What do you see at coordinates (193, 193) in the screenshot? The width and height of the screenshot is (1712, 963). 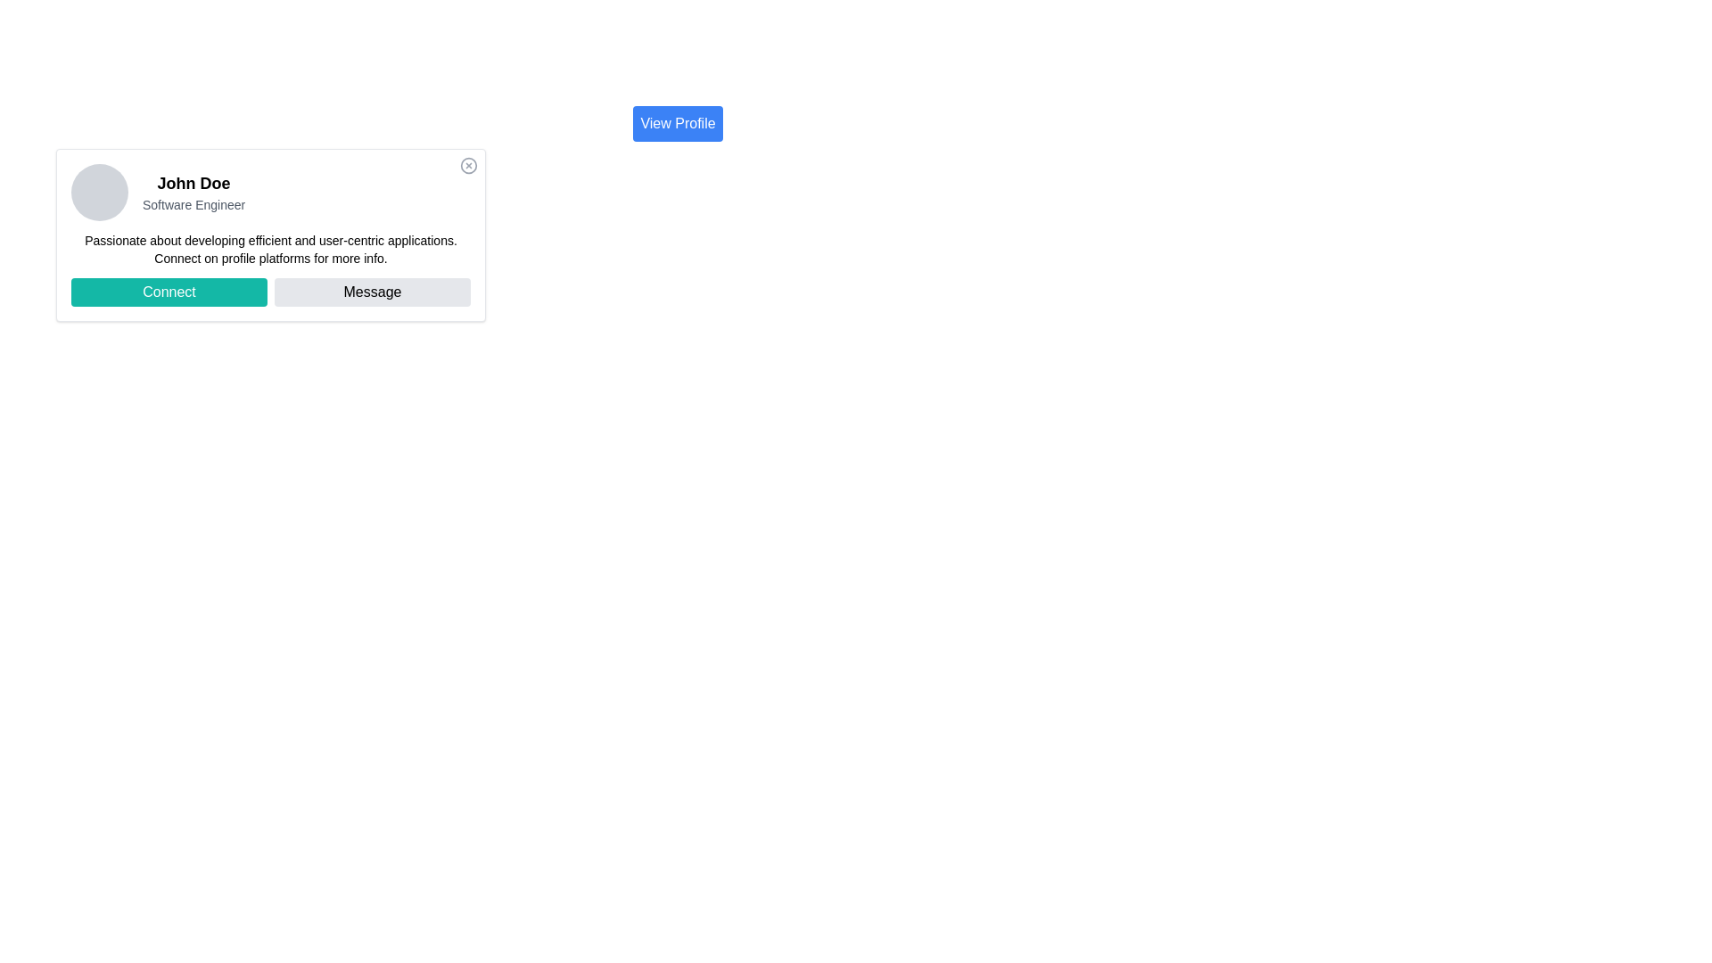 I see `the text display element that shows the user's name and occupation, located within a profile card to the right of the profile picture and above the description text and buttons` at bounding box center [193, 193].